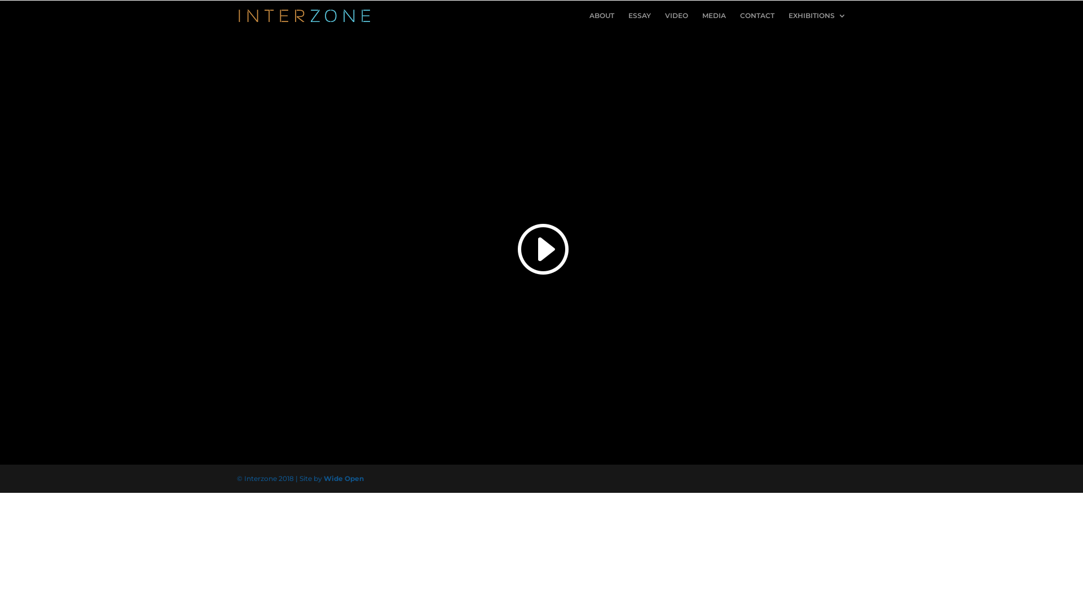  I want to click on 'ABOUT', so click(601, 21).